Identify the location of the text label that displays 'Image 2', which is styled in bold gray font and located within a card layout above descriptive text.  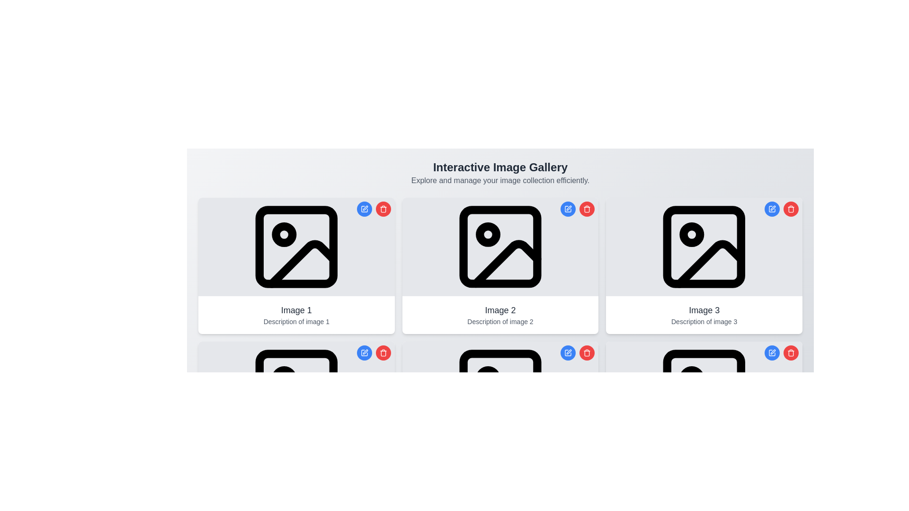
(499, 310).